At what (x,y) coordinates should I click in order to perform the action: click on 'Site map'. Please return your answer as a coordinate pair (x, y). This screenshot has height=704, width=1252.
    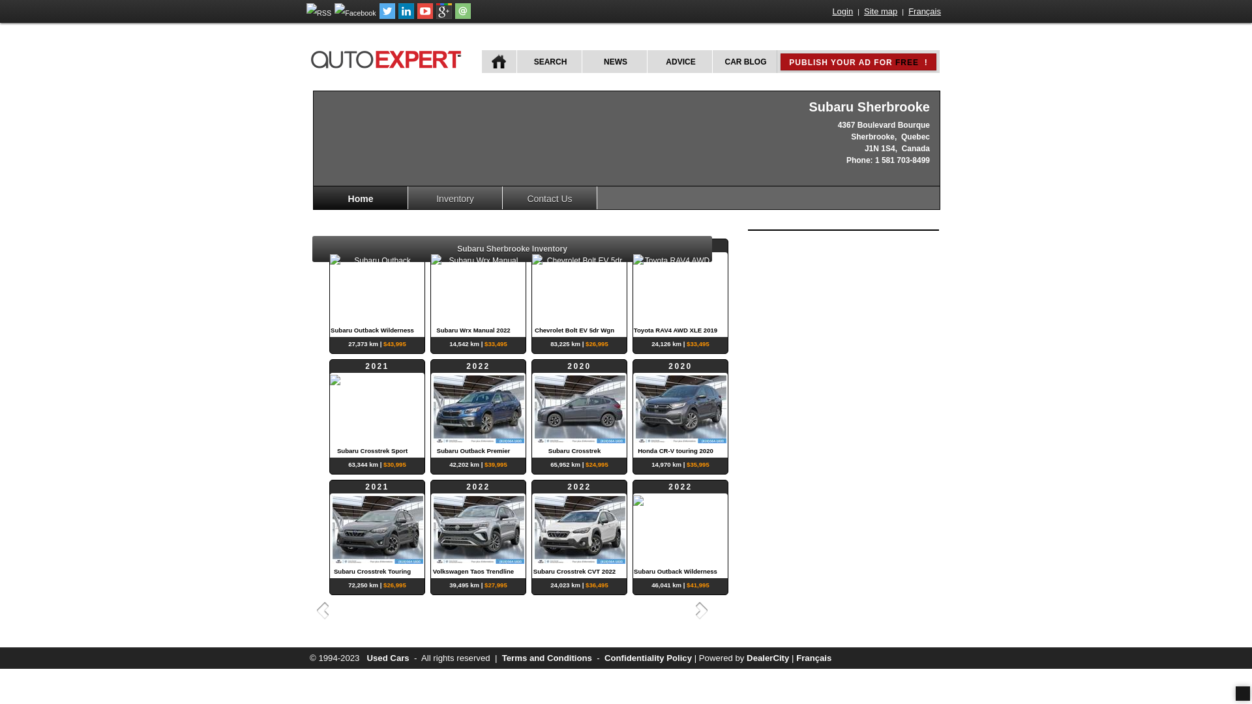
    Looking at the image, I should click on (880, 11).